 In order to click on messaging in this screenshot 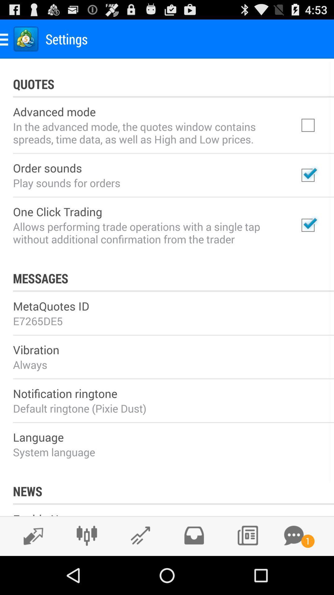, I will do `click(293, 535)`.